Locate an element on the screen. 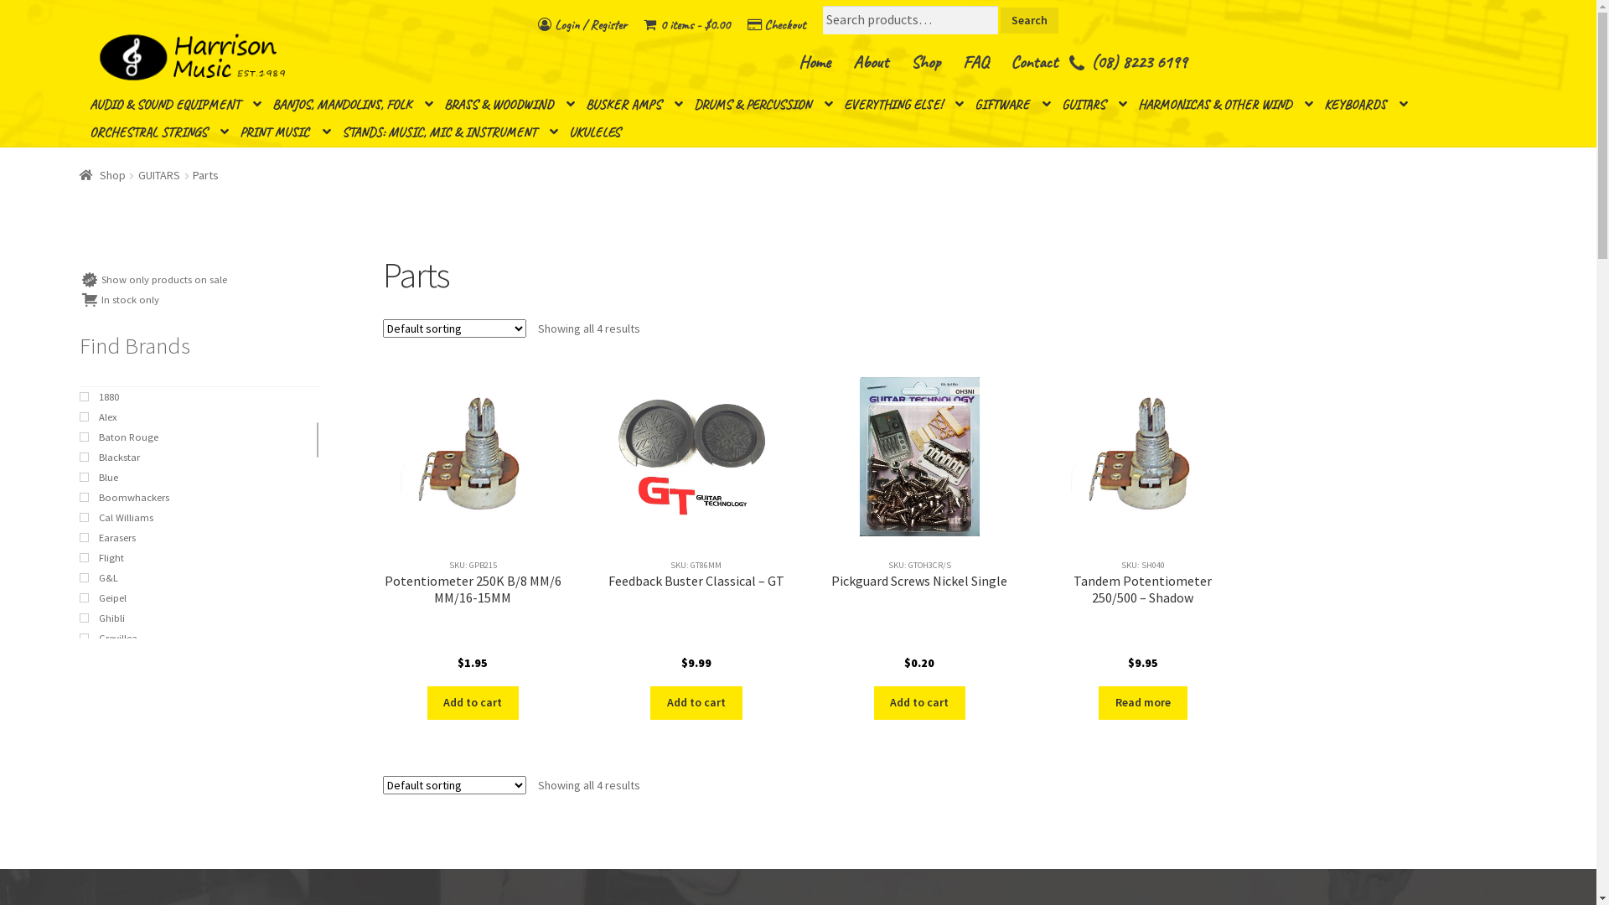  'Add to cart' is located at coordinates (473, 703).